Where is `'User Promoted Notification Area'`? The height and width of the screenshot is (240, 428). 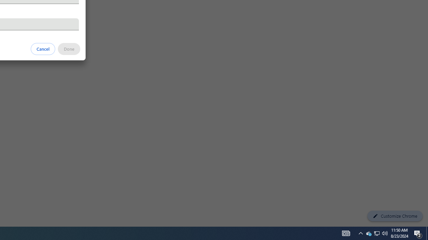 'User Promoted Notification Area' is located at coordinates (377, 233).